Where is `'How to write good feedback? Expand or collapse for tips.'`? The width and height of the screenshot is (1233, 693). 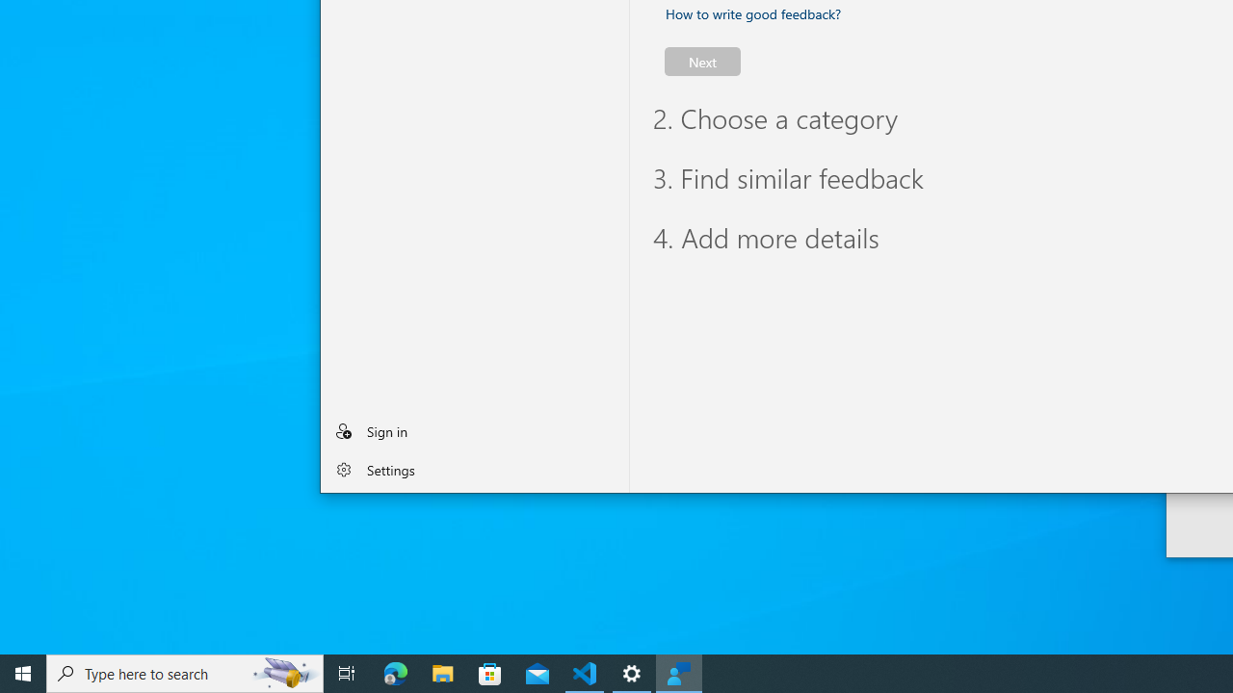 'How to write good feedback? Expand or collapse for tips.' is located at coordinates (752, 13).